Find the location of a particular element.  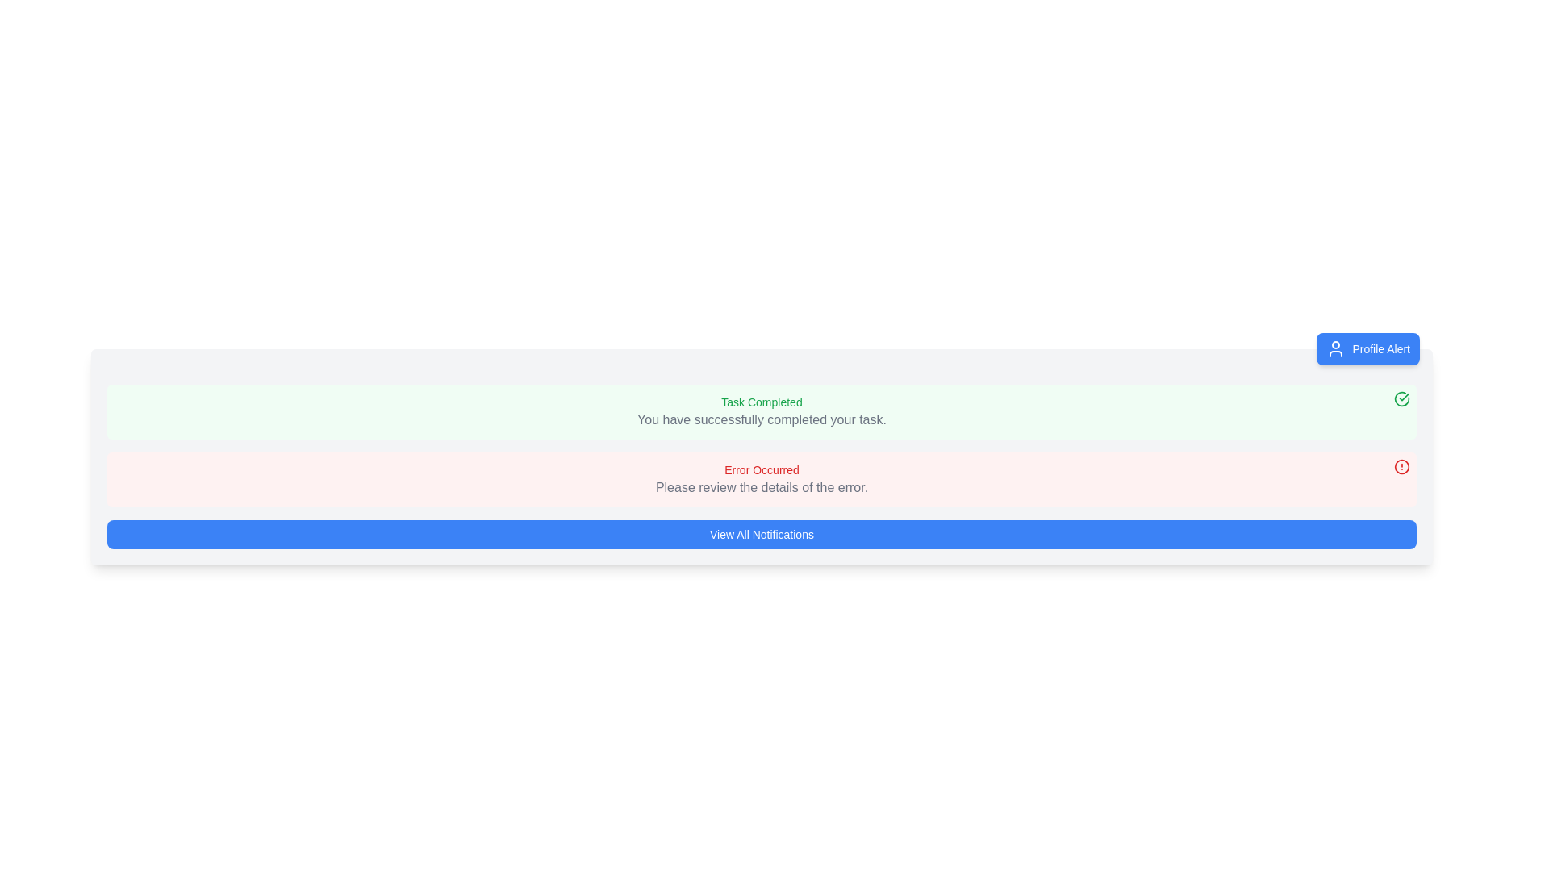

the confirmation message text within the green notification box labeled 'Task Completed', which is the second line of text located beneath the heading is located at coordinates (761, 419).